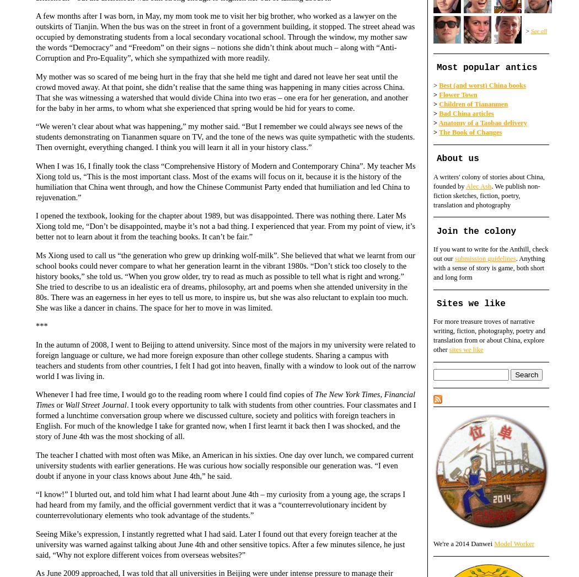 This screenshot has height=577, width=579. Describe the element at coordinates (470, 303) in the screenshot. I see `'Sites we like'` at that location.